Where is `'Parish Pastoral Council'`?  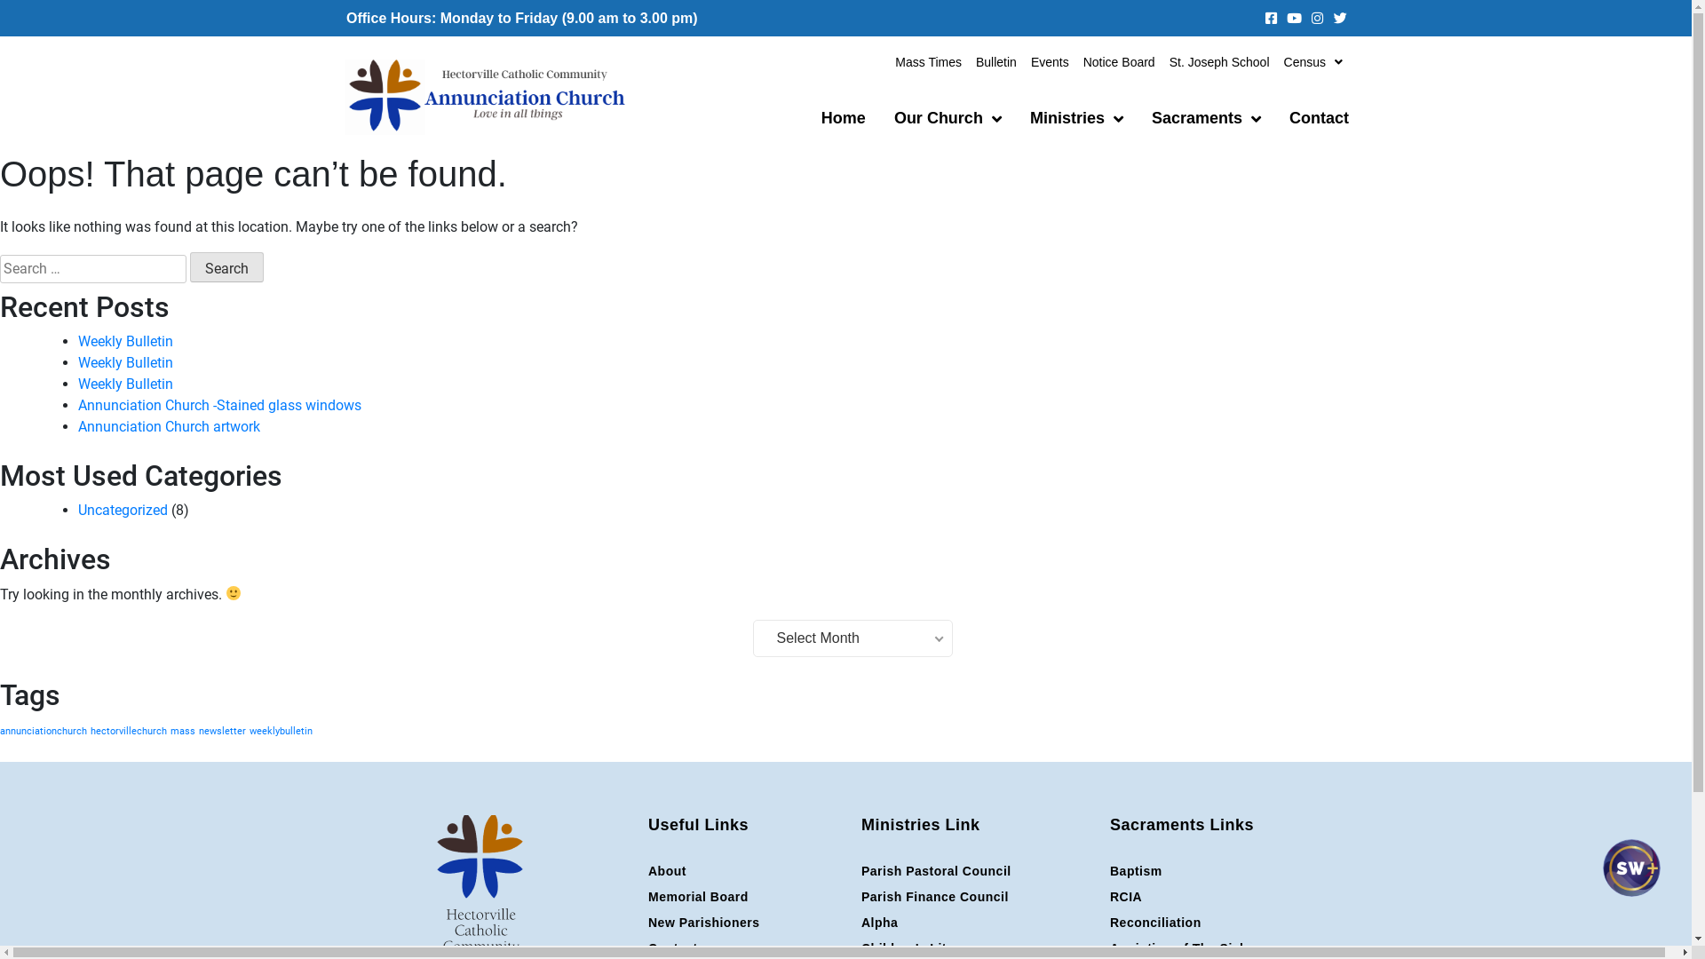 'Parish Pastoral Council' is located at coordinates (860, 870).